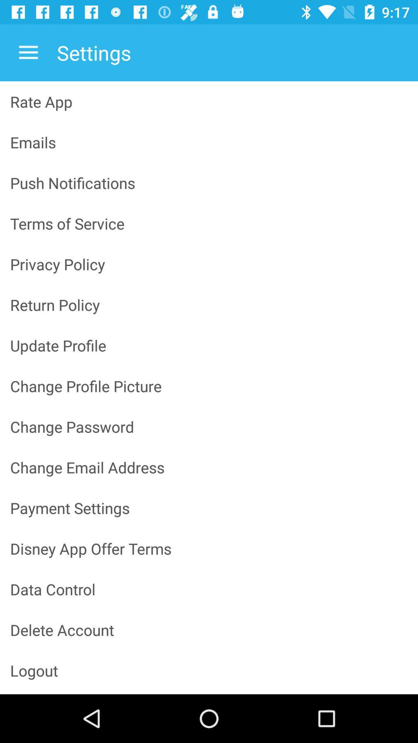  I want to click on item next to settings icon, so click(28, 52).